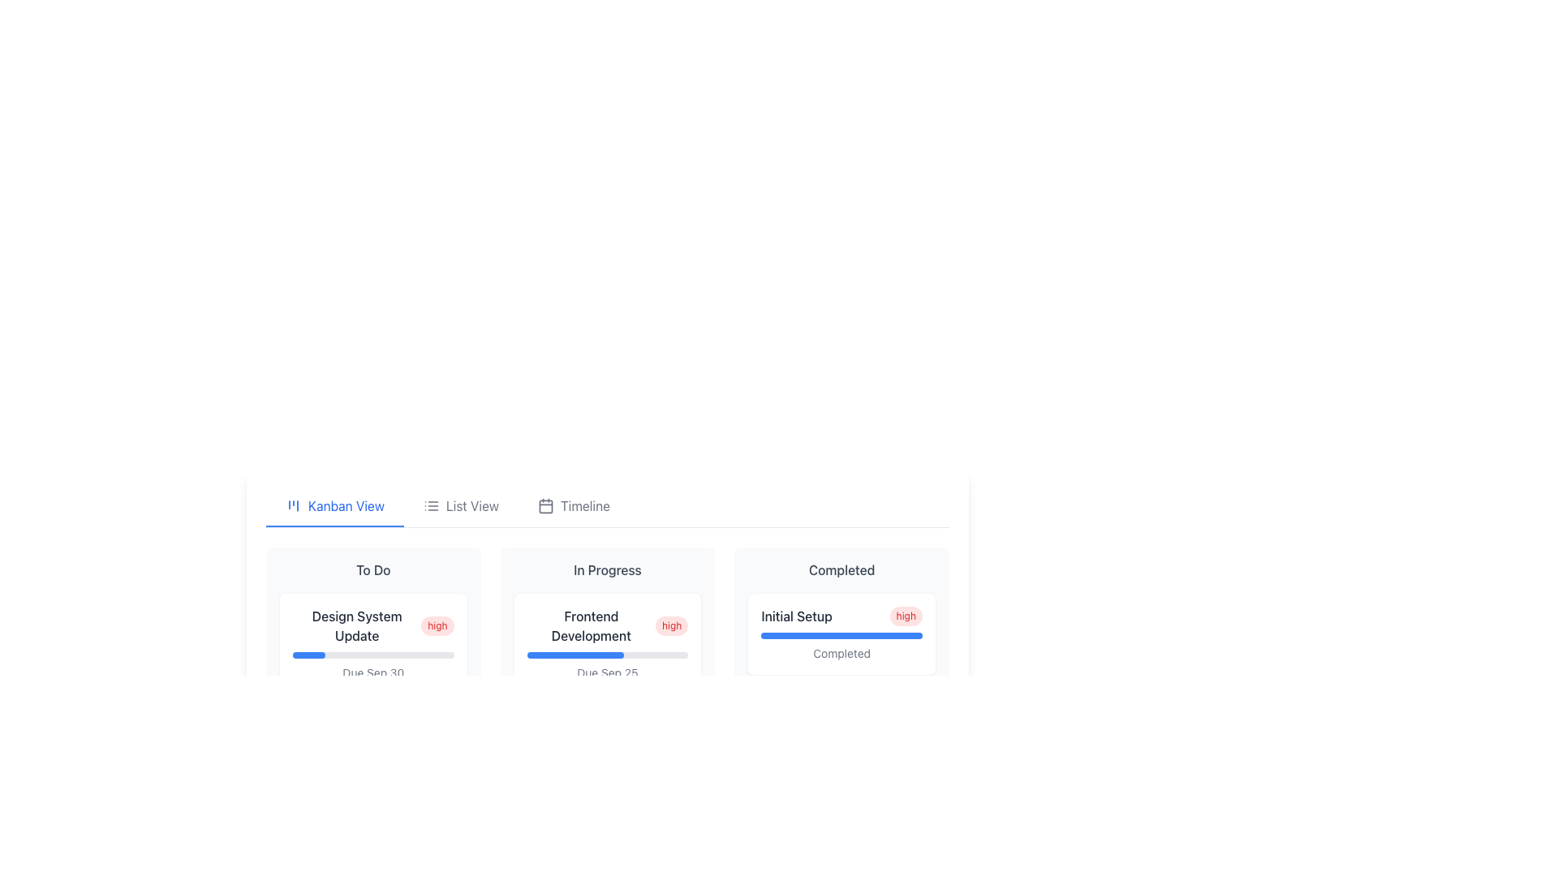 This screenshot has height=876, width=1558. What do you see at coordinates (372, 625) in the screenshot?
I see `the header of the task card labeled 'Design System Update' with a priority indicator showing 'high' in the 'To Do' column of the Kanban board` at bounding box center [372, 625].